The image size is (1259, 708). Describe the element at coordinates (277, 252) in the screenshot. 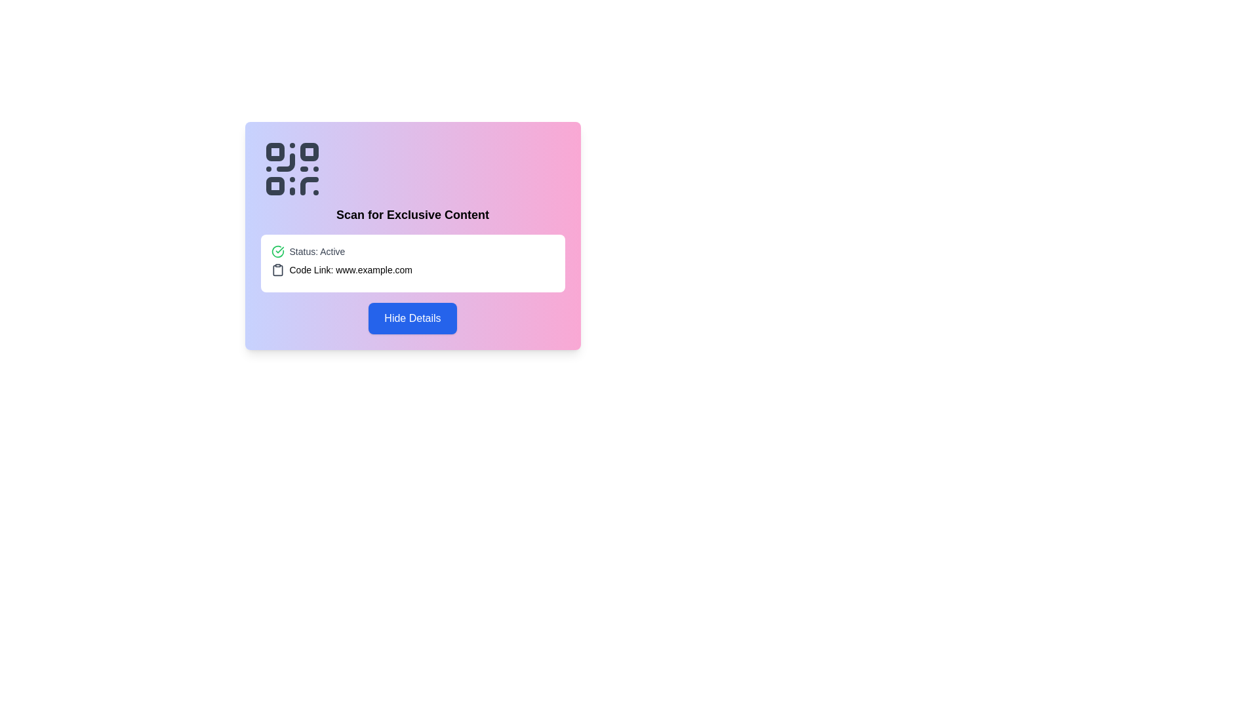

I see `the circular icon with a green check symbol indicating a positive status, located to the left of the text 'Status: Active'` at that location.